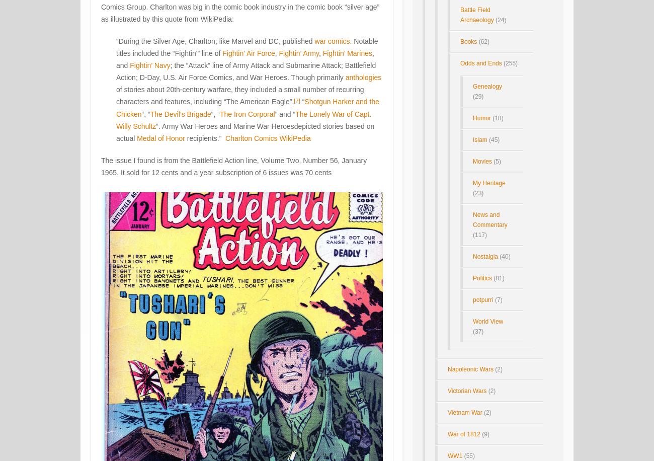 The height and width of the screenshot is (461, 654). Describe the element at coordinates (468, 41) in the screenshot. I see `'Books'` at that location.